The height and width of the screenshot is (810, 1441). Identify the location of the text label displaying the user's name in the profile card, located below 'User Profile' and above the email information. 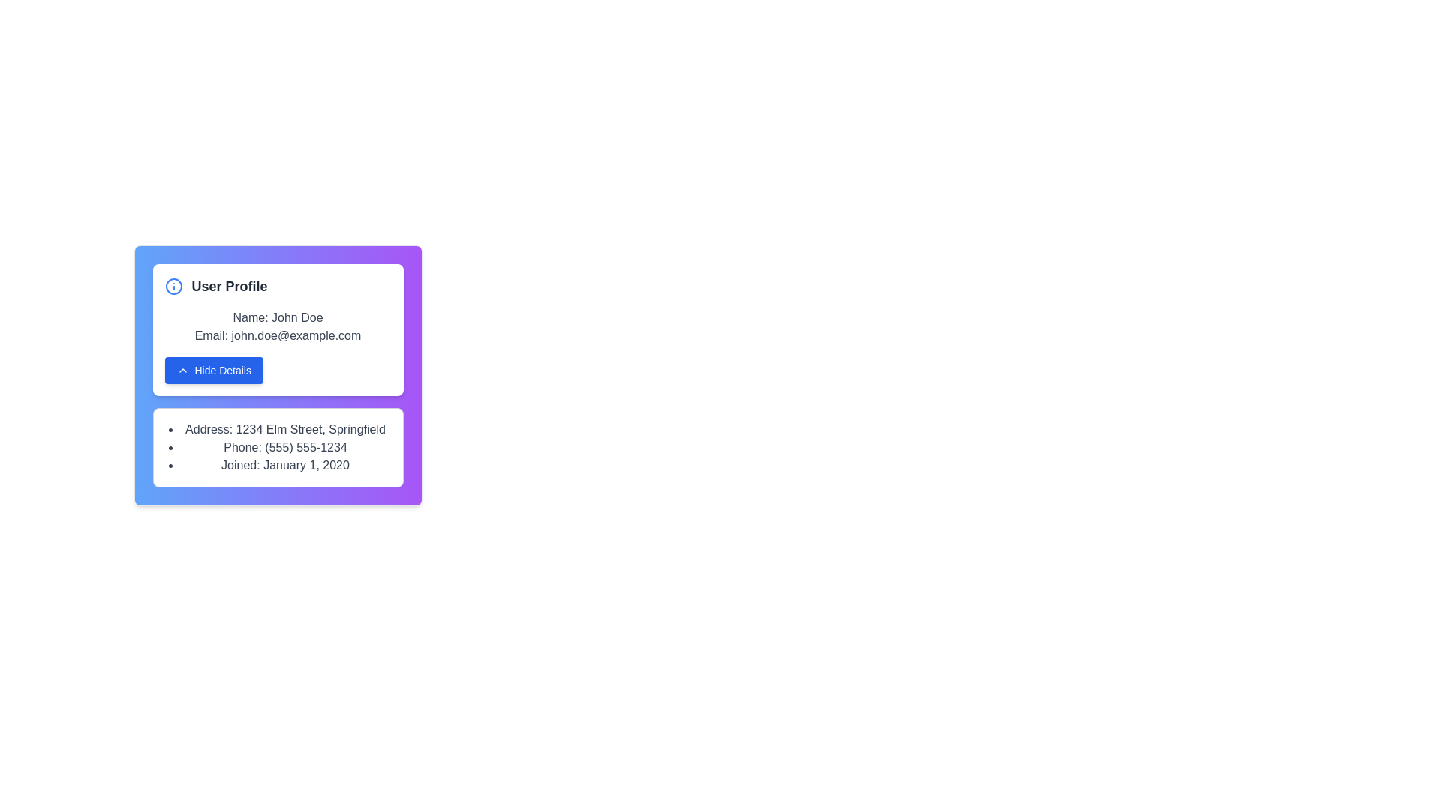
(278, 317).